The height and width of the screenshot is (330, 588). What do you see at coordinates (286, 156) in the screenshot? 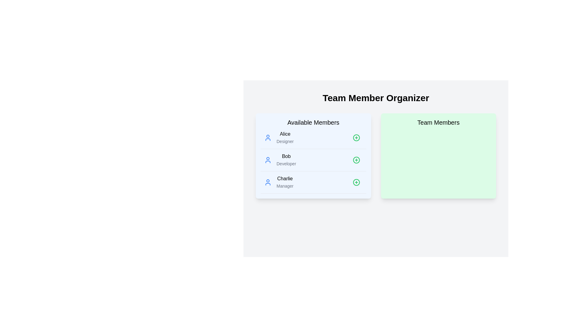
I see `the text label representing the name of a team member in the 'Available Members' section` at bounding box center [286, 156].